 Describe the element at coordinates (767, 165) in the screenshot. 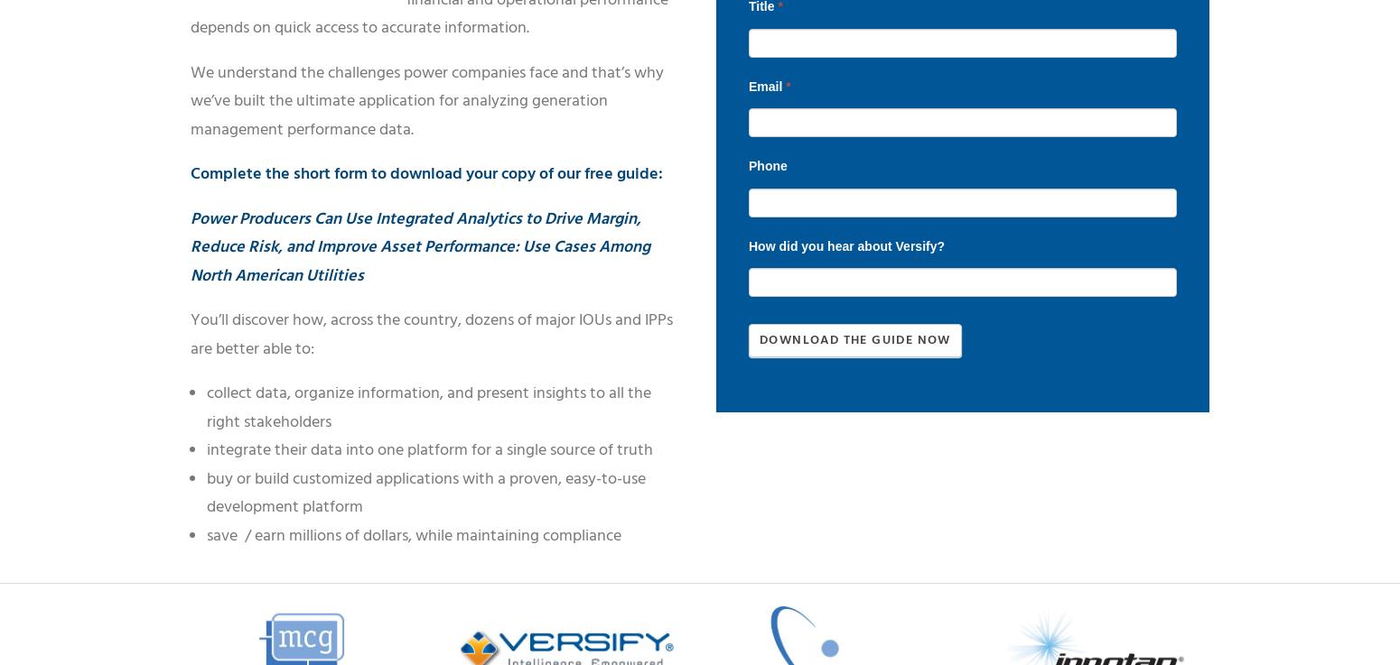

I see `'Phone'` at that location.